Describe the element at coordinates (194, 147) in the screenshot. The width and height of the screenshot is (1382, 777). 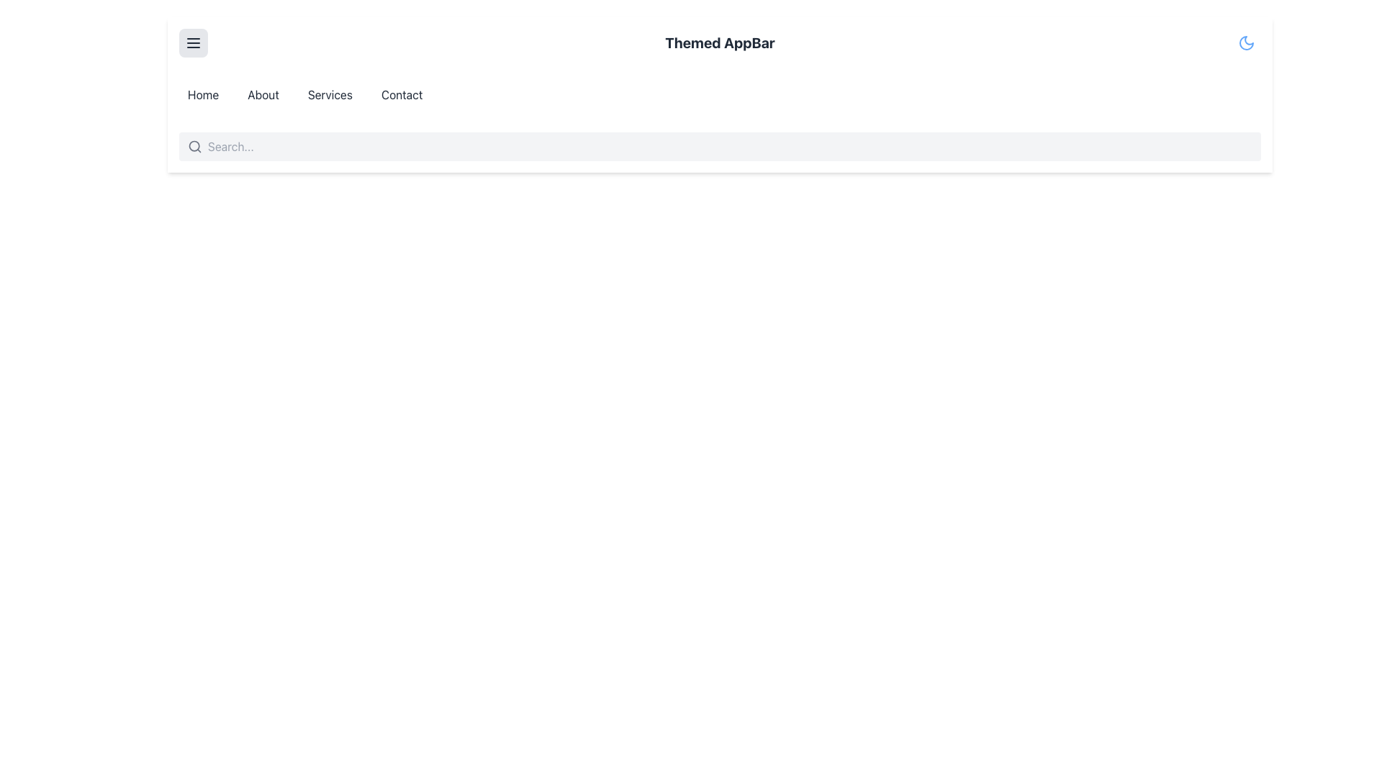
I see `the magnifying glass icon representing the search function, which is located to the left of the search input field in the bar under the main navigation menu` at that location.